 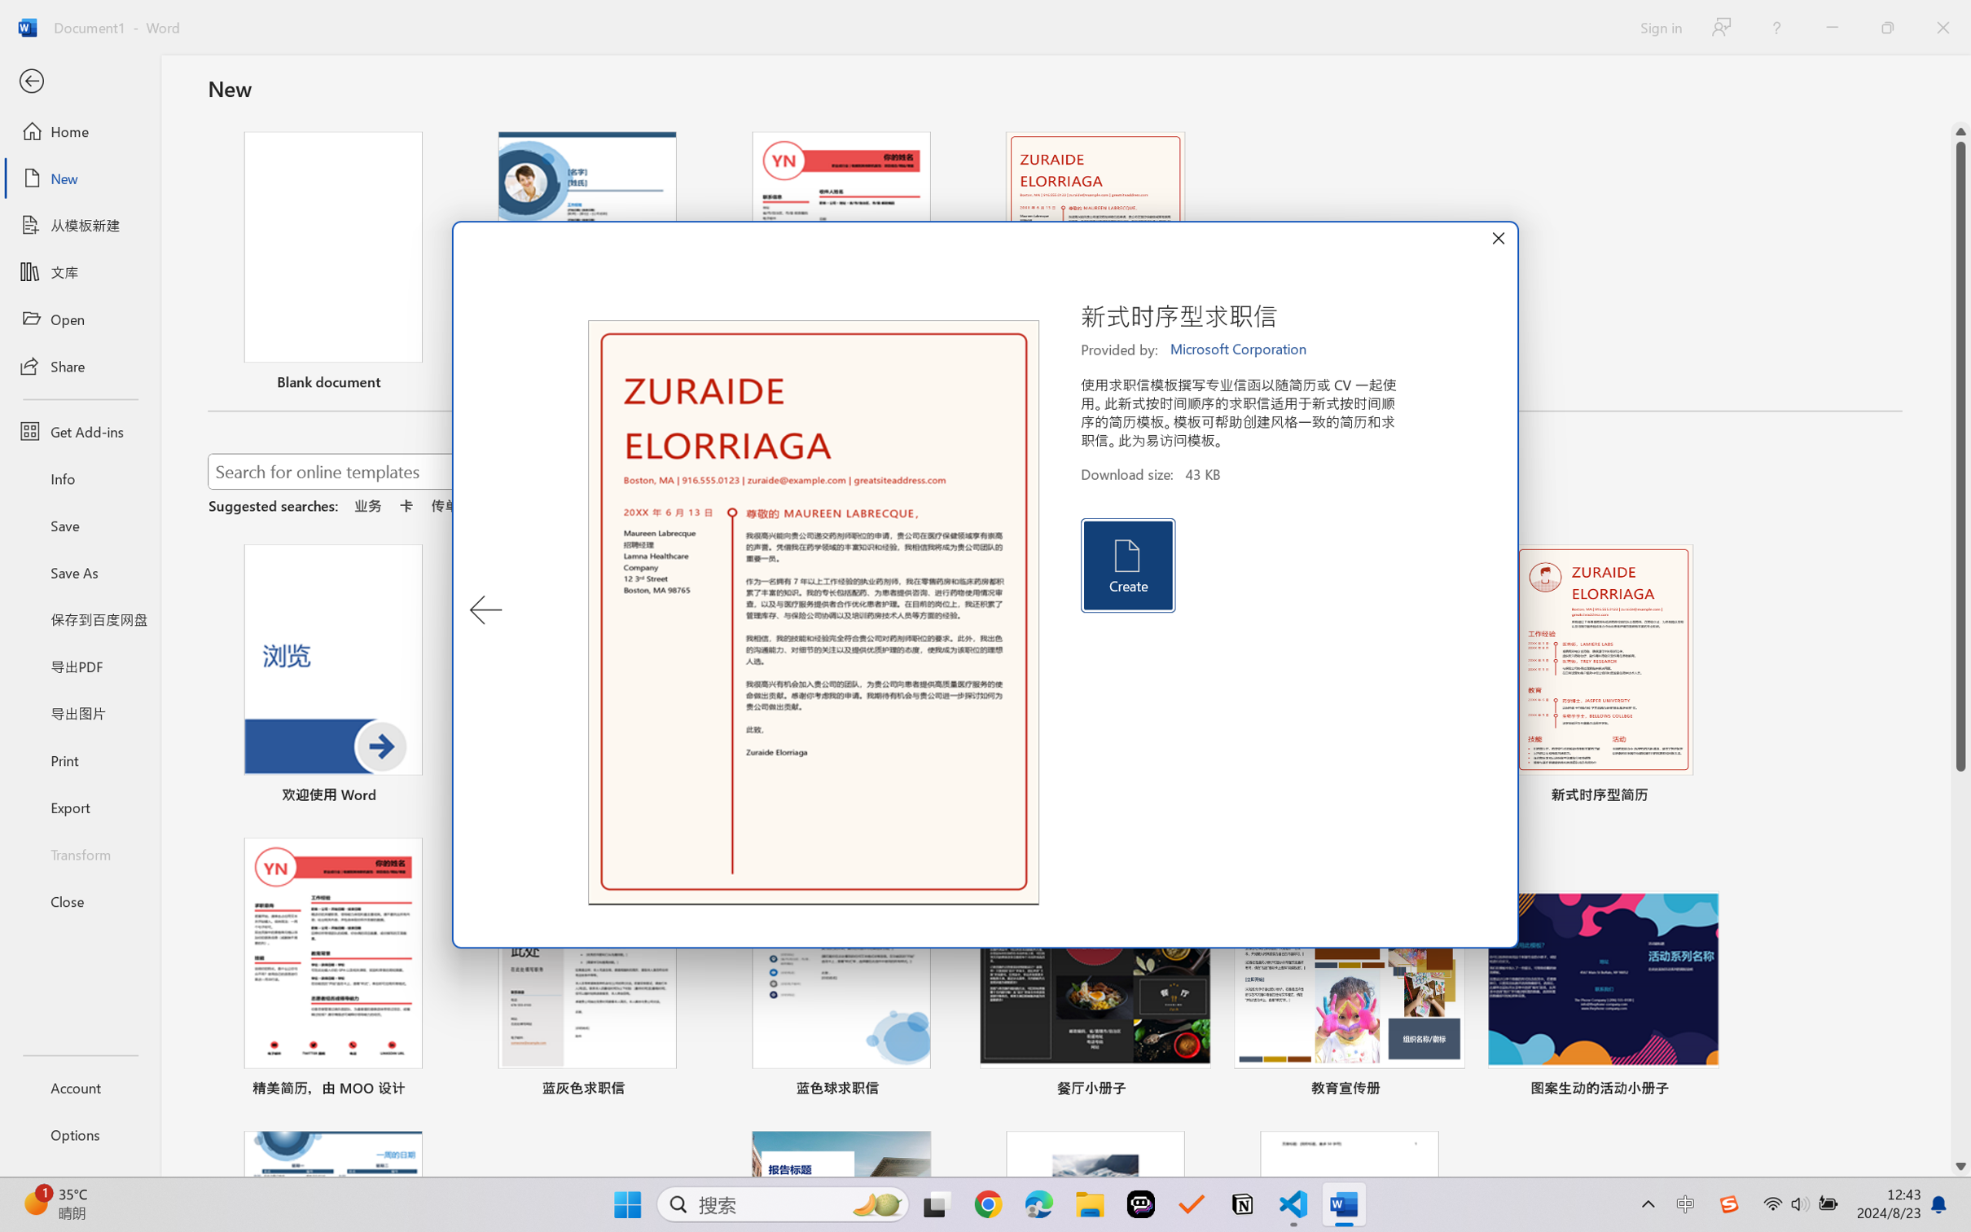 What do you see at coordinates (79, 477) in the screenshot?
I see `'Info'` at bounding box center [79, 477].